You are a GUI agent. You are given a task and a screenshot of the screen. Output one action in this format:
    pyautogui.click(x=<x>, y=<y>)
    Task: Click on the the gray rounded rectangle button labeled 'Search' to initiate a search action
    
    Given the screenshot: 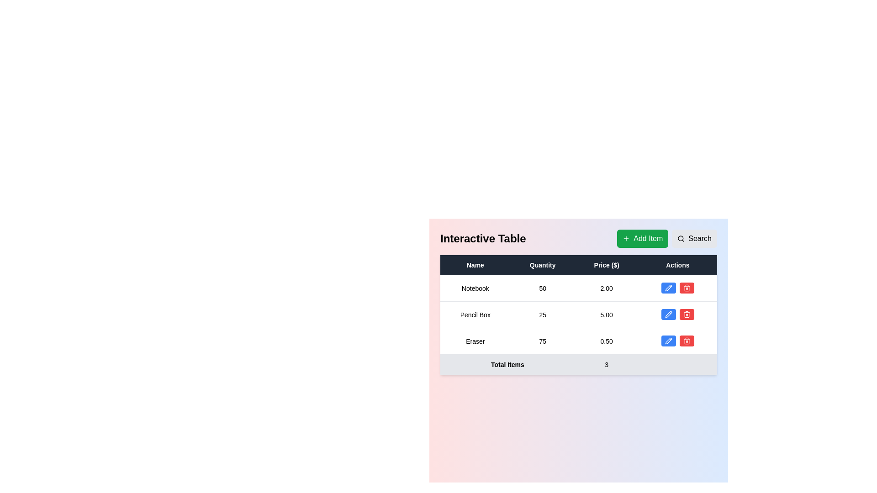 What is the action you would take?
    pyautogui.click(x=694, y=238)
    